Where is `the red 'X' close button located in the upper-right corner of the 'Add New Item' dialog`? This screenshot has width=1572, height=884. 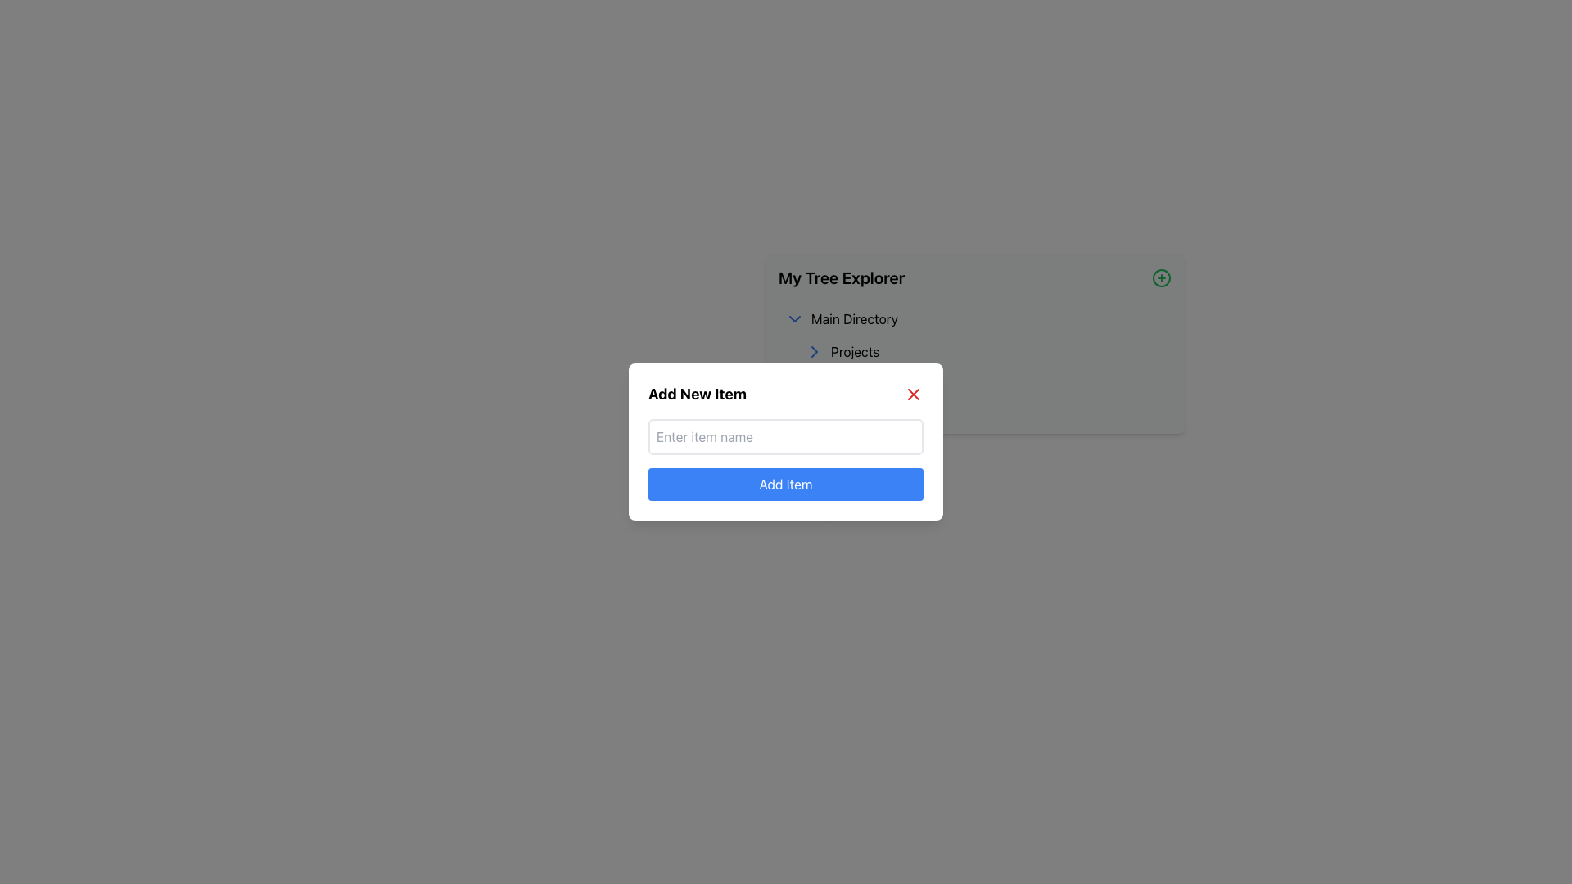
the red 'X' close button located in the upper-right corner of the 'Add New Item' dialog is located at coordinates (913, 395).